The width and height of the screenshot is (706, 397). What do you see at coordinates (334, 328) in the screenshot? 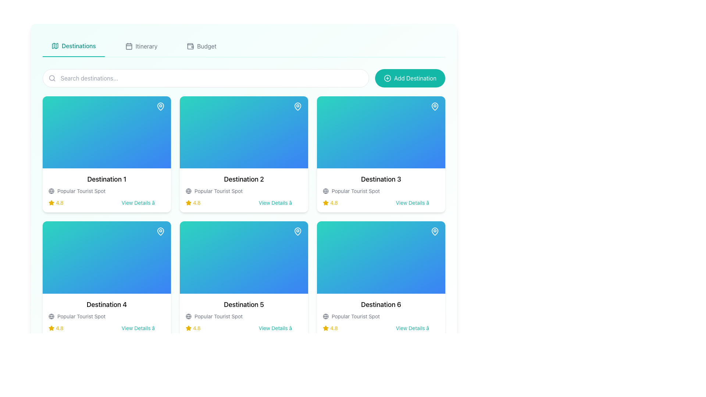
I see `the rating value text located in the lower portion of the sixth card, next to the star icon and above the 'View Details' link` at bounding box center [334, 328].